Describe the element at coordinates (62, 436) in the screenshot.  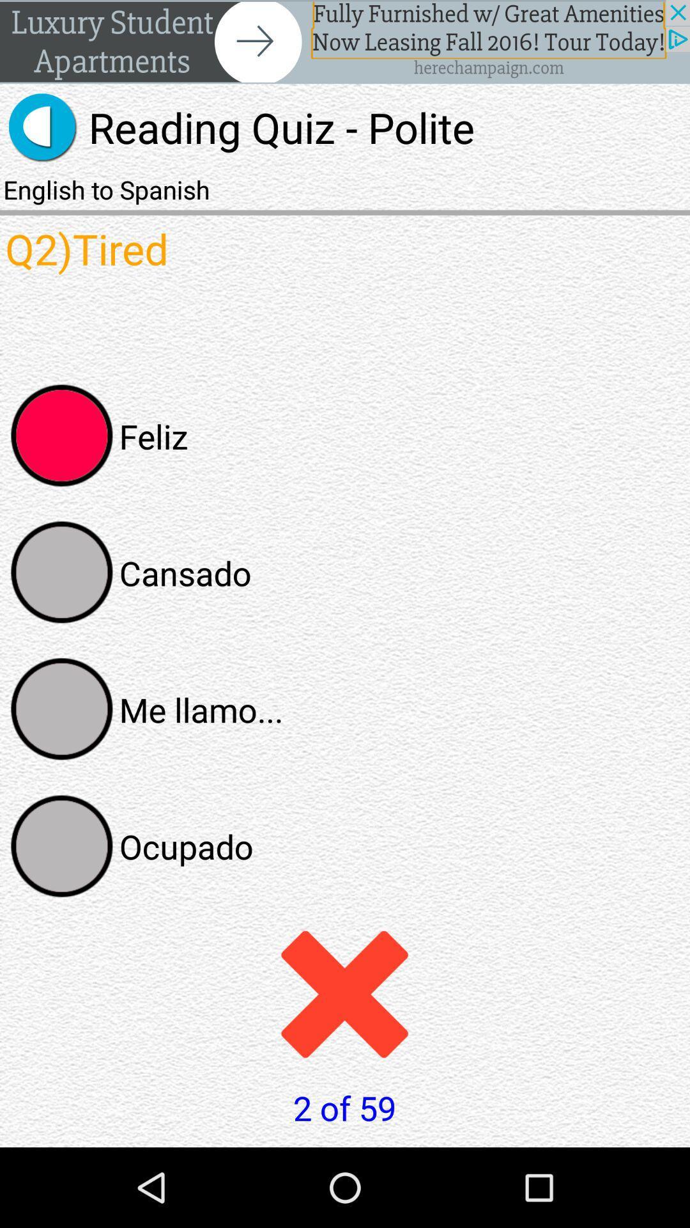
I see `feliz` at that location.